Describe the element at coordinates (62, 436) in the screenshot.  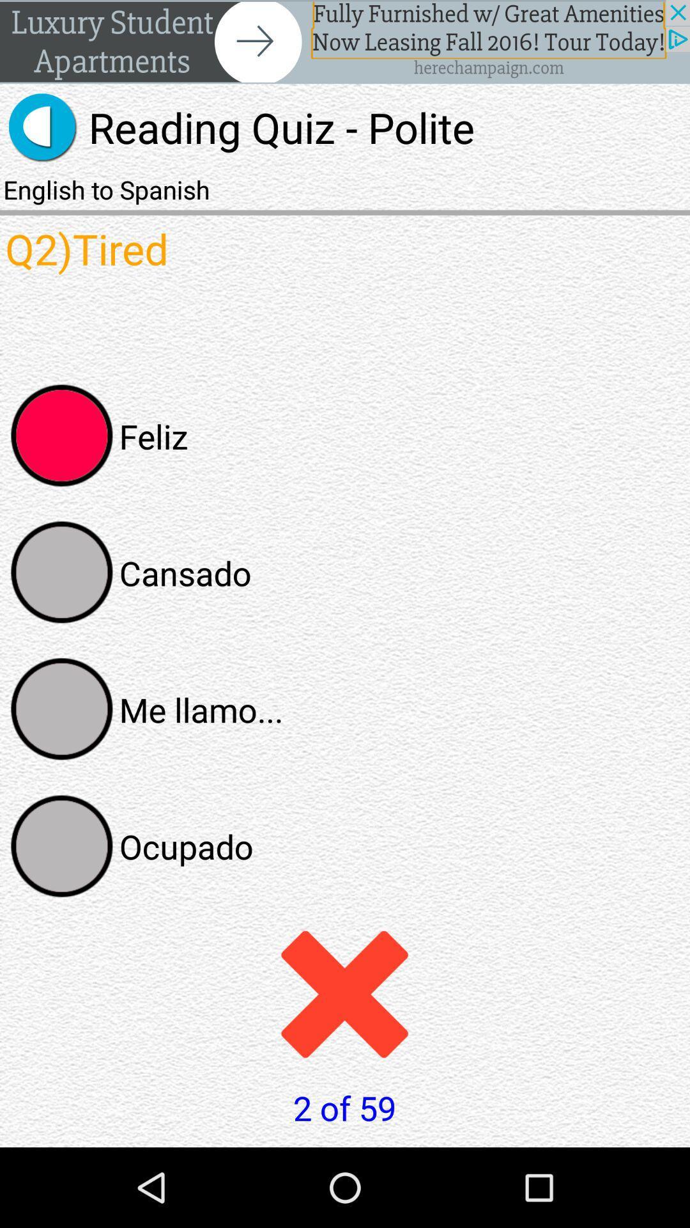
I see `feliz` at that location.